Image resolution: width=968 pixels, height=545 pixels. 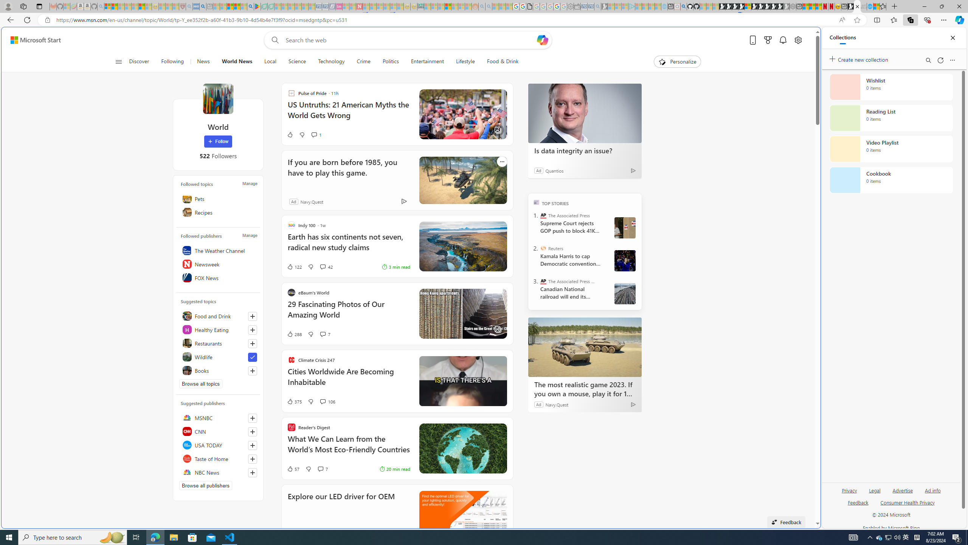 What do you see at coordinates (891, 117) in the screenshot?
I see `'Reading List collection, 0 items'` at bounding box center [891, 117].